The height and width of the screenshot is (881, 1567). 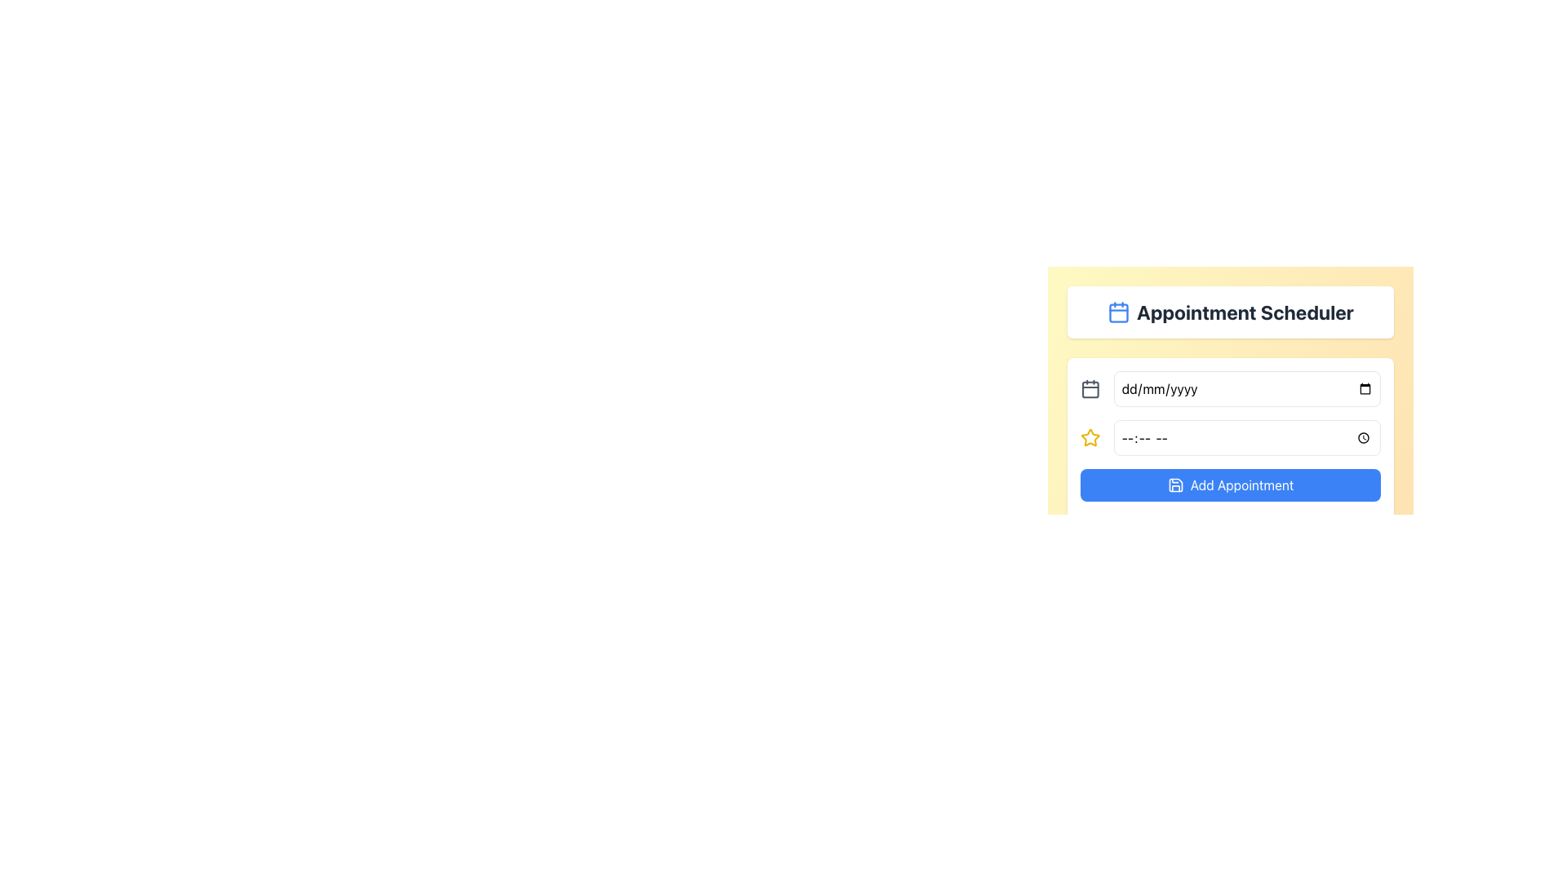 What do you see at coordinates (1090, 436) in the screenshot?
I see `the star-shaped icon located within the scheduling interface, positioned to the left of the time input field` at bounding box center [1090, 436].